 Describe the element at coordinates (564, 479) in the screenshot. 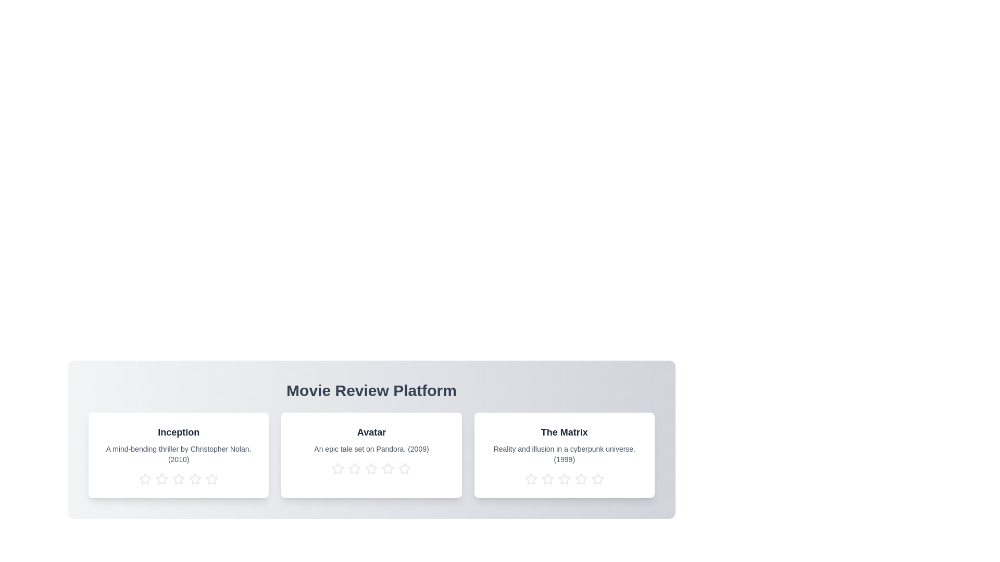

I see `the star corresponding to 3 stars for the movie titled The Matrix` at that location.